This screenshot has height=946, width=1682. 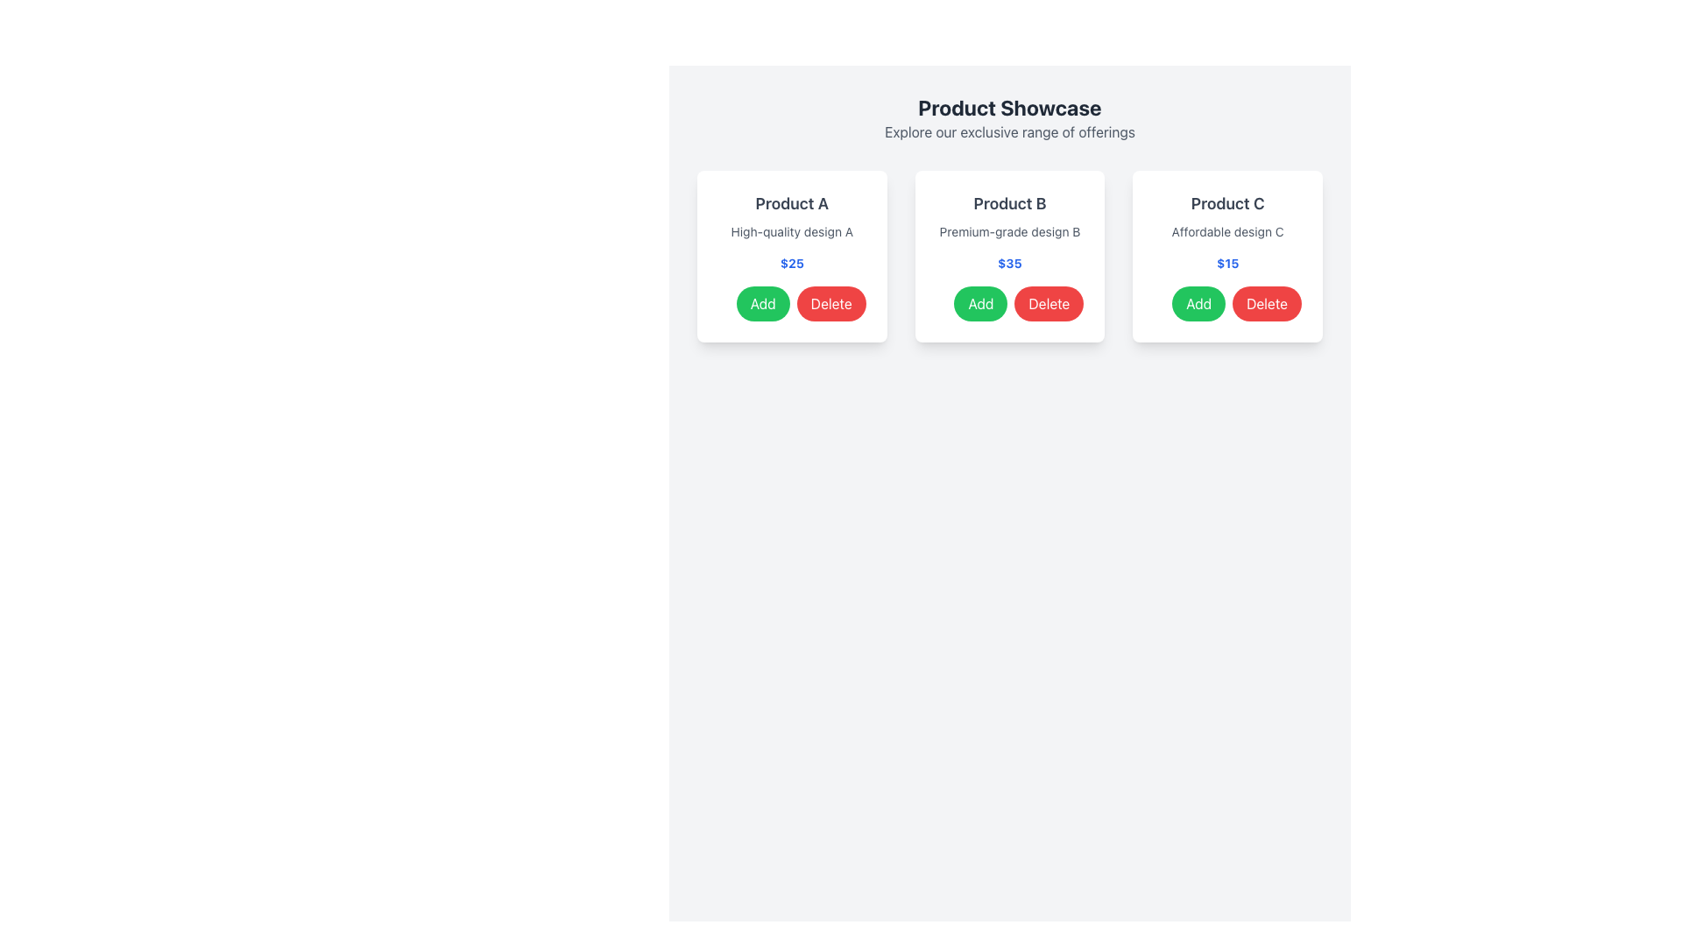 I want to click on the 'Add' button located at the bottom-right part of the 'Product C' card, beneath the price '$15', so click(x=1226, y=303).